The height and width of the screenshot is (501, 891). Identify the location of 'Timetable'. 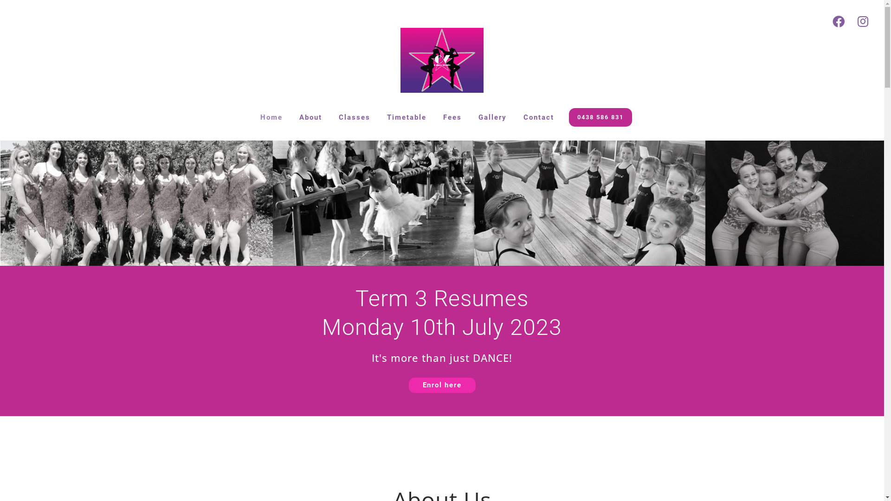
(379, 117).